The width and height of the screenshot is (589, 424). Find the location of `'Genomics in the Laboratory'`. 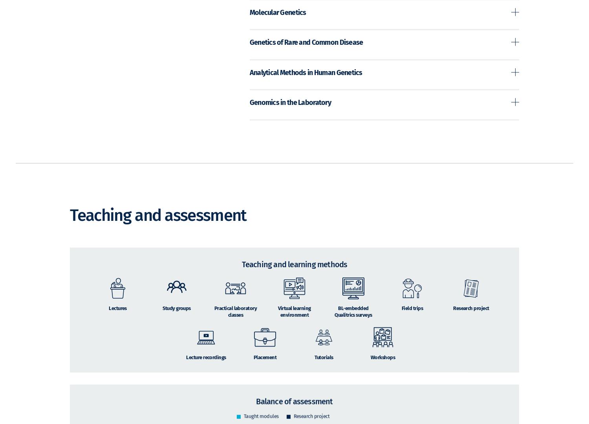

'Genomics in the Laboratory' is located at coordinates (249, 113).